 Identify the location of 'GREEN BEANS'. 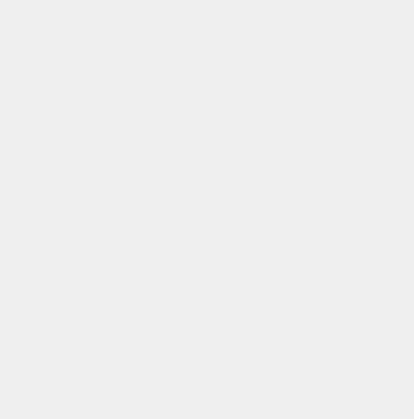
(33, 414).